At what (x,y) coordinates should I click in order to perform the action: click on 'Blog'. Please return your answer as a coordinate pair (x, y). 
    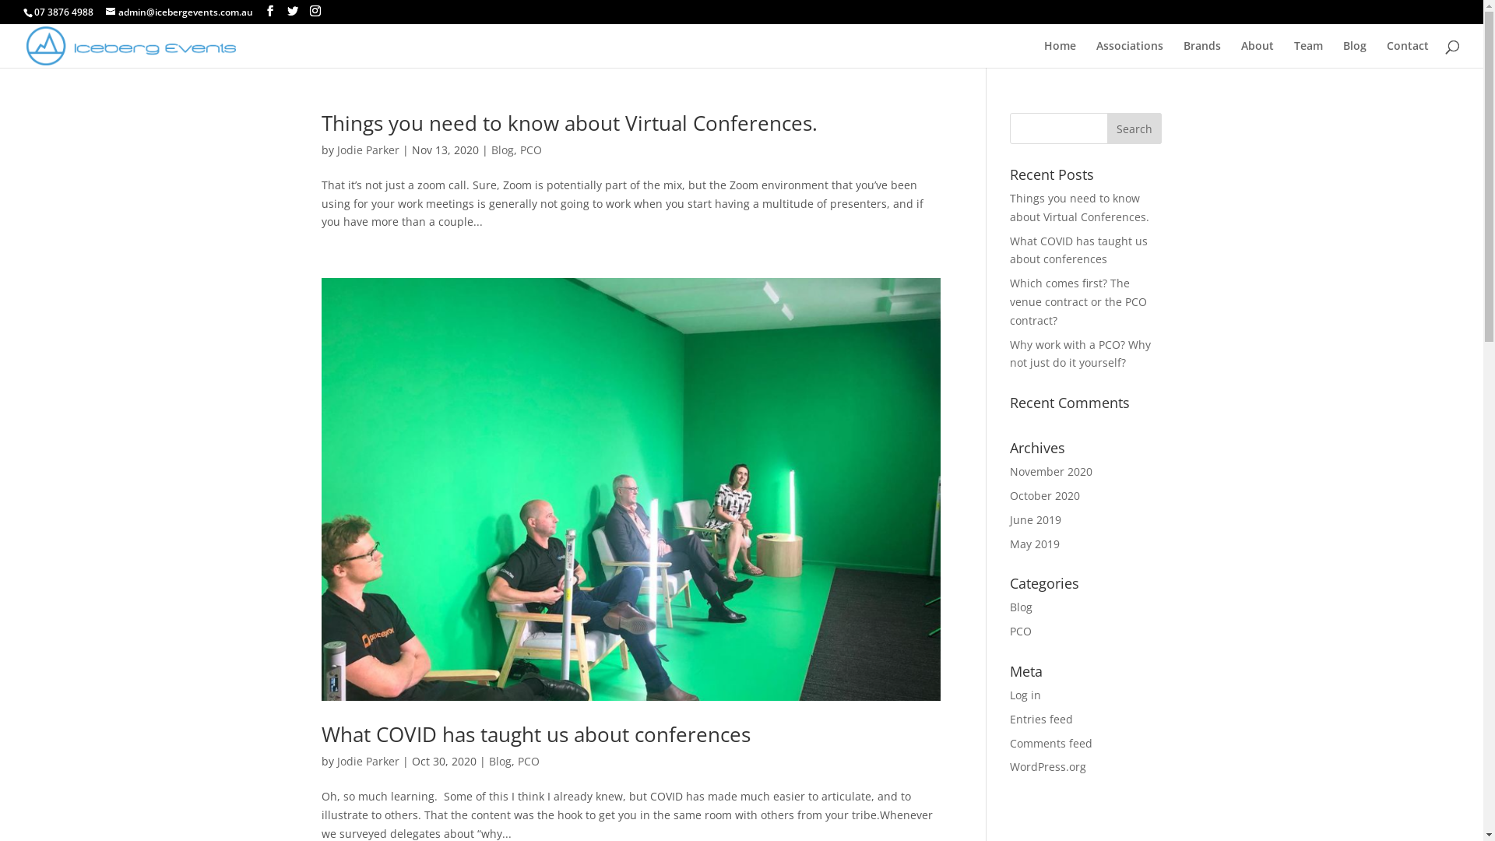
    Looking at the image, I should click on (500, 760).